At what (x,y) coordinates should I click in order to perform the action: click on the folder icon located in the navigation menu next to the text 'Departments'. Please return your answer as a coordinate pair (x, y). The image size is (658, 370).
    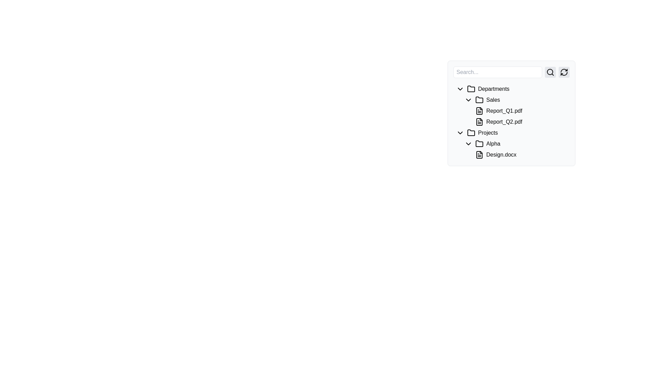
    Looking at the image, I should click on (472, 88).